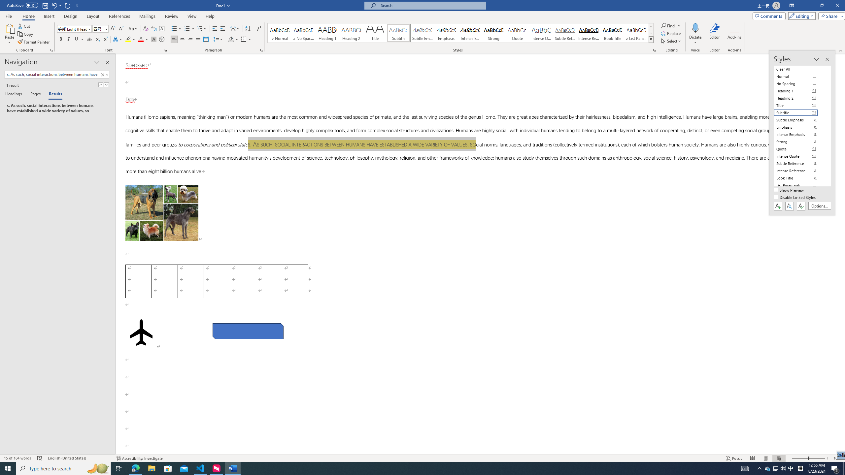 This screenshot has height=475, width=845. Describe the element at coordinates (53, 94) in the screenshot. I see `'Results'` at that location.